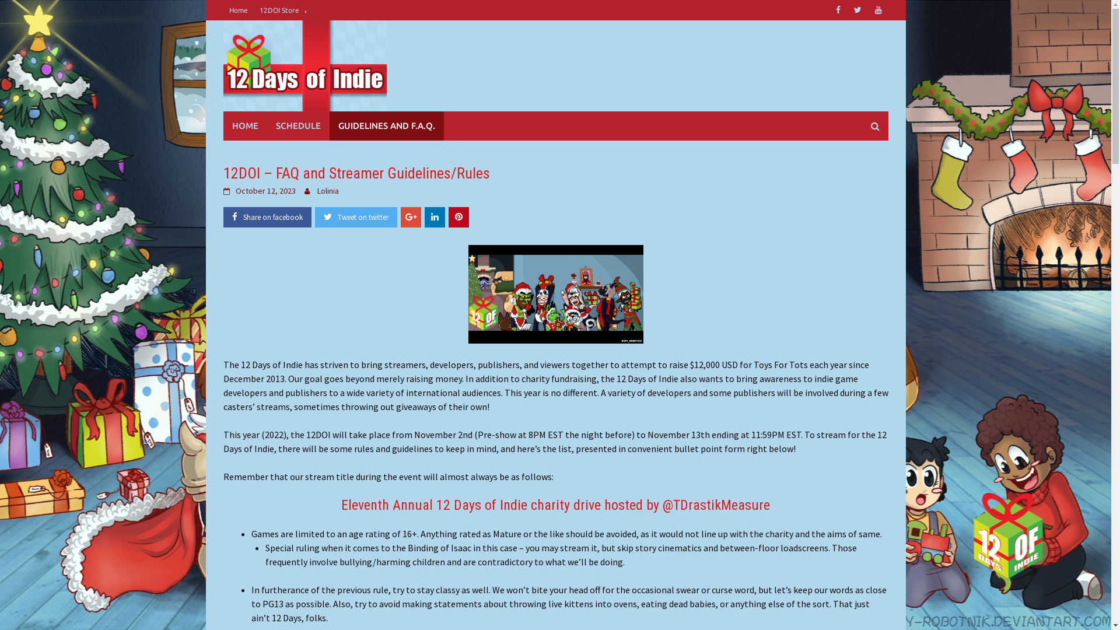 The image size is (1120, 630). I want to click on 'Lolinia', so click(327, 190).